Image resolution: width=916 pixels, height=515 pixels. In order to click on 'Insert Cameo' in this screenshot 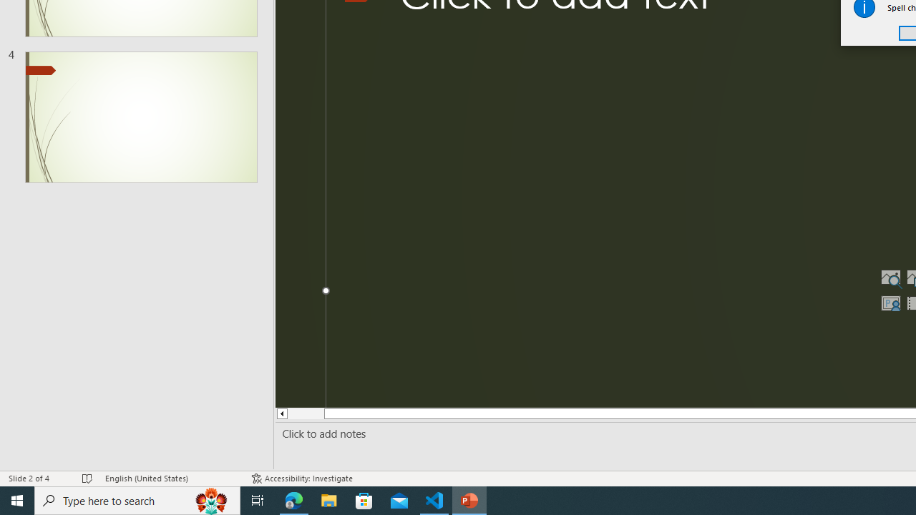, I will do `click(890, 303)`.